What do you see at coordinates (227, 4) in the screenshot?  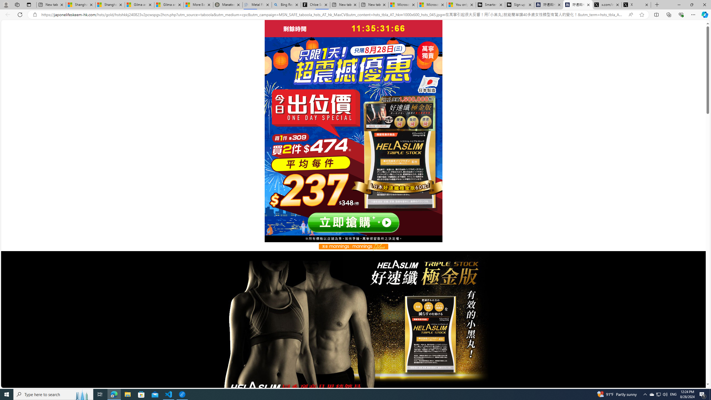 I see `'Manatee Mortality Statistics | FWC'` at bounding box center [227, 4].